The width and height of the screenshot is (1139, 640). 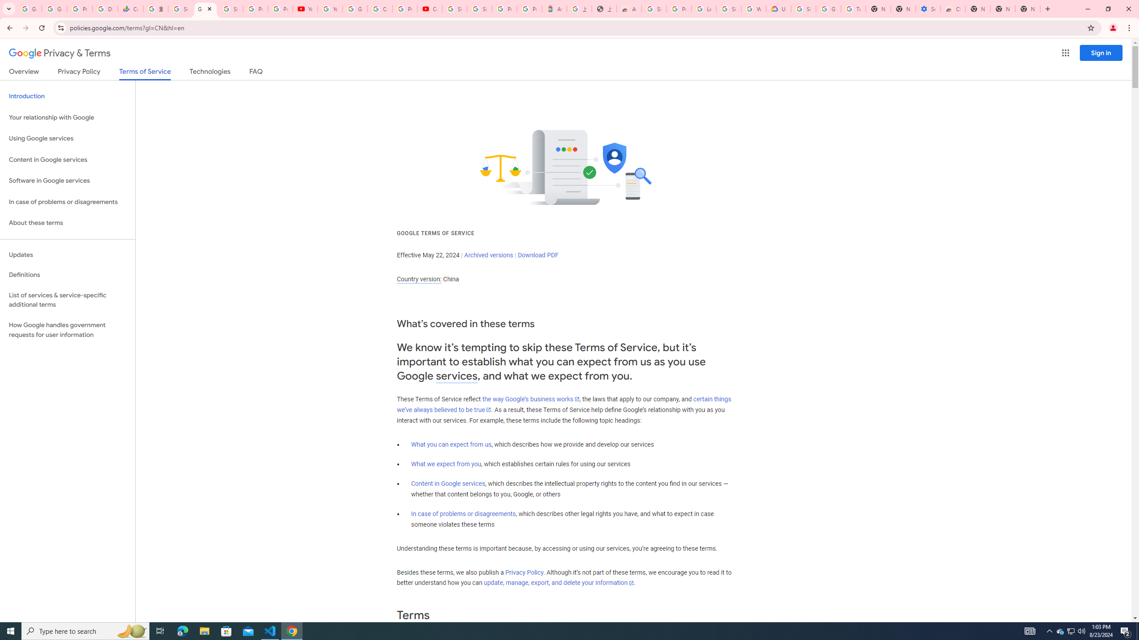 What do you see at coordinates (67, 138) in the screenshot?
I see `'Using Google services'` at bounding box center [67, 138].